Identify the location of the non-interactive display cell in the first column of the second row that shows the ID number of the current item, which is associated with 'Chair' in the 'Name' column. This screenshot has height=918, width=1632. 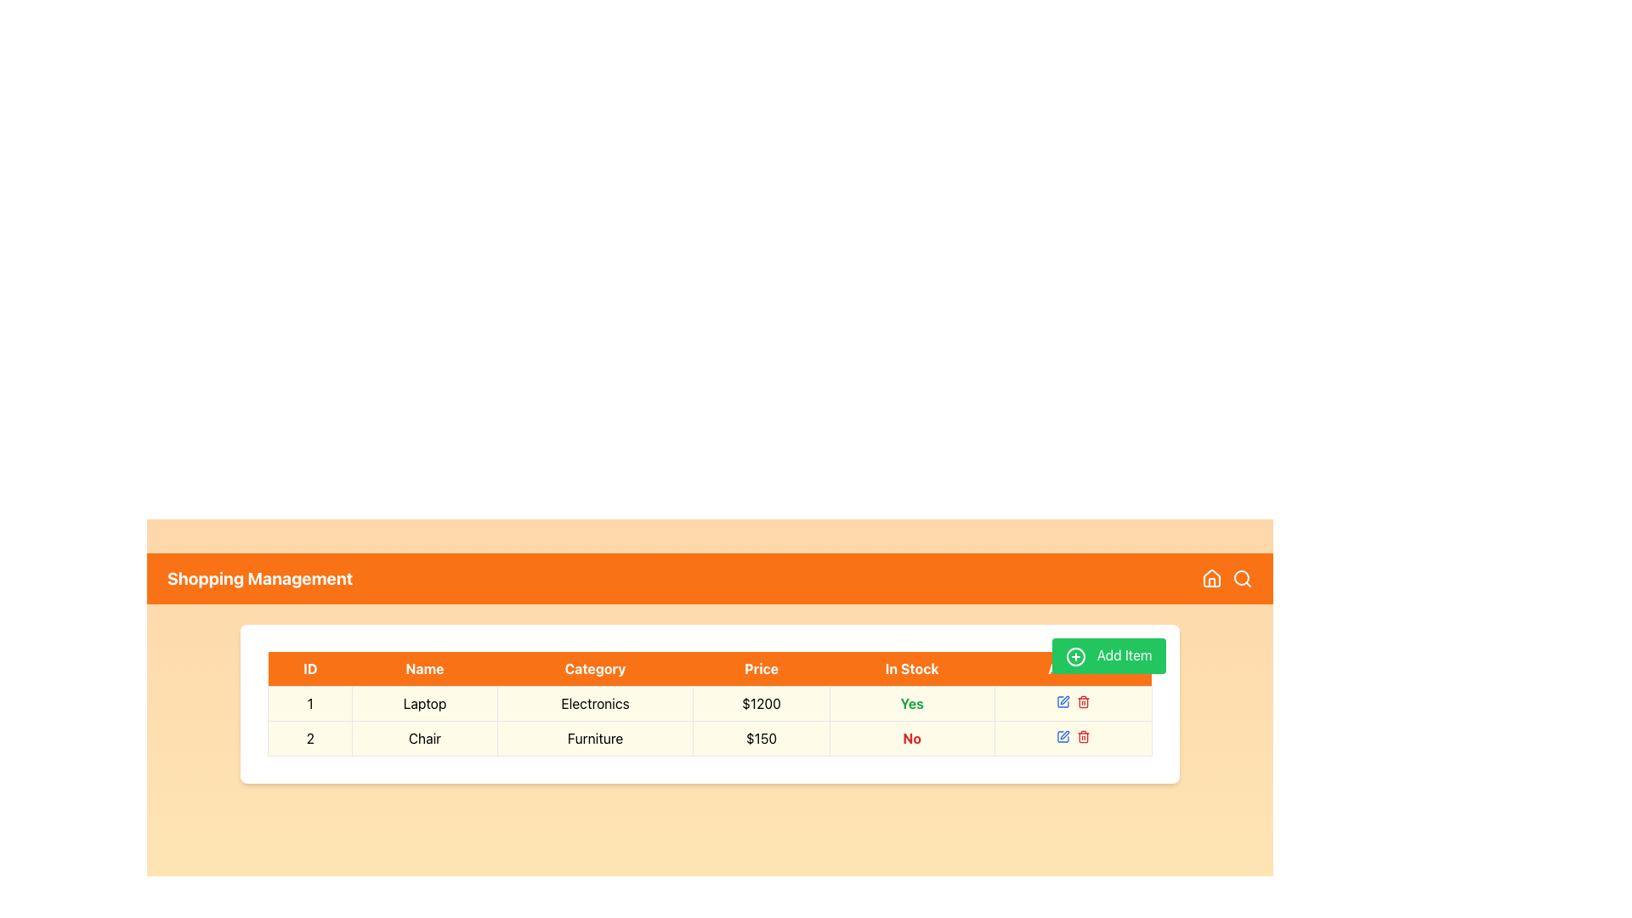
(310, 737).